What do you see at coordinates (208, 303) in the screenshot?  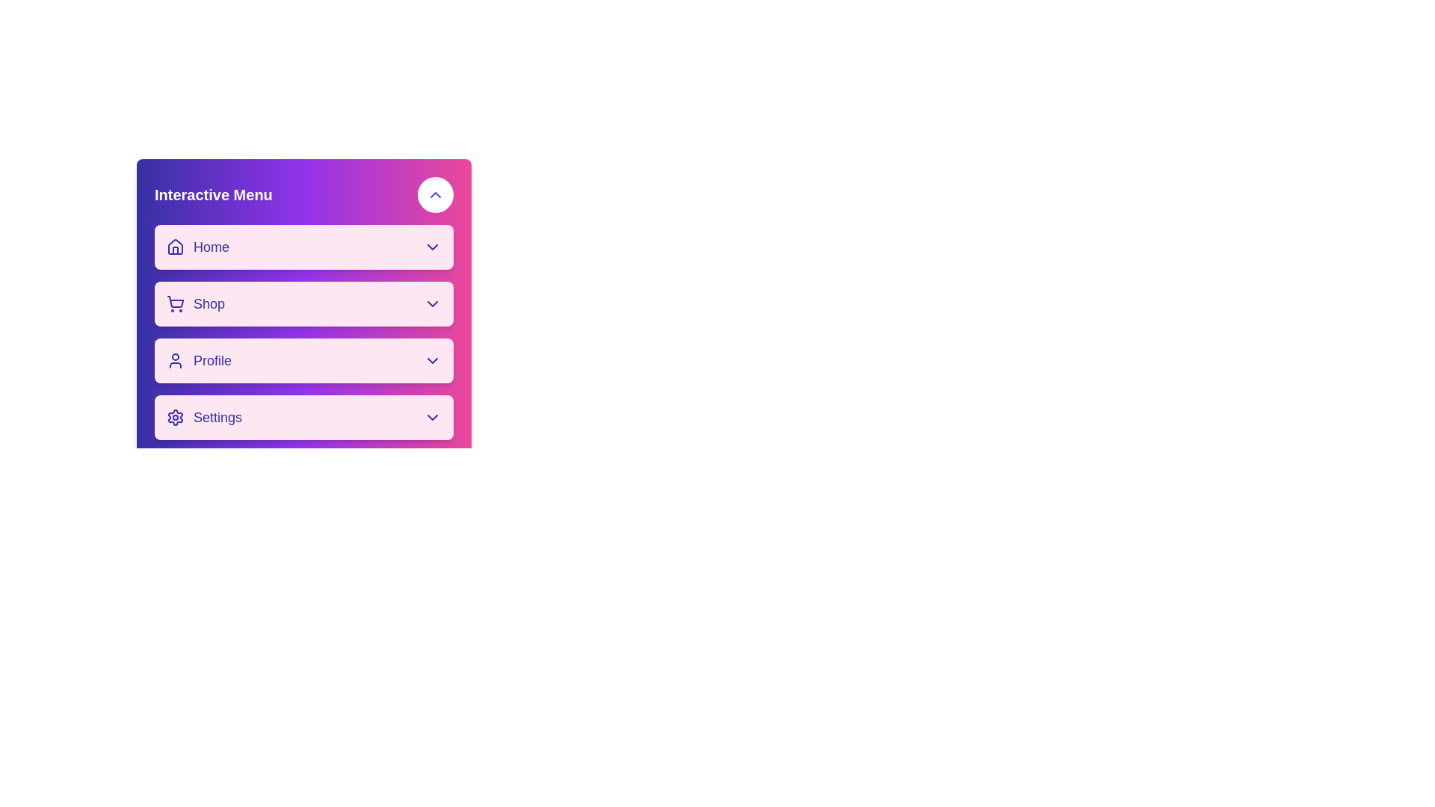 I see `the 'Shop' label, which is styled with a medium font weight and large text size, colored purple, and is positioned in a vertical menu next to a shopping cart icon` at bounding box center [208, 303].